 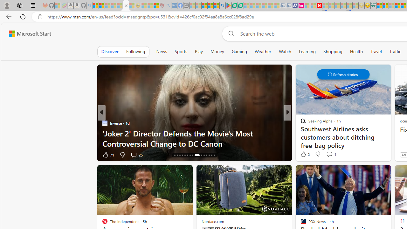 What do you see at coordinates (307, 51) in the screenshot?
I see `'Learning'` at bounding box center [307, 51].